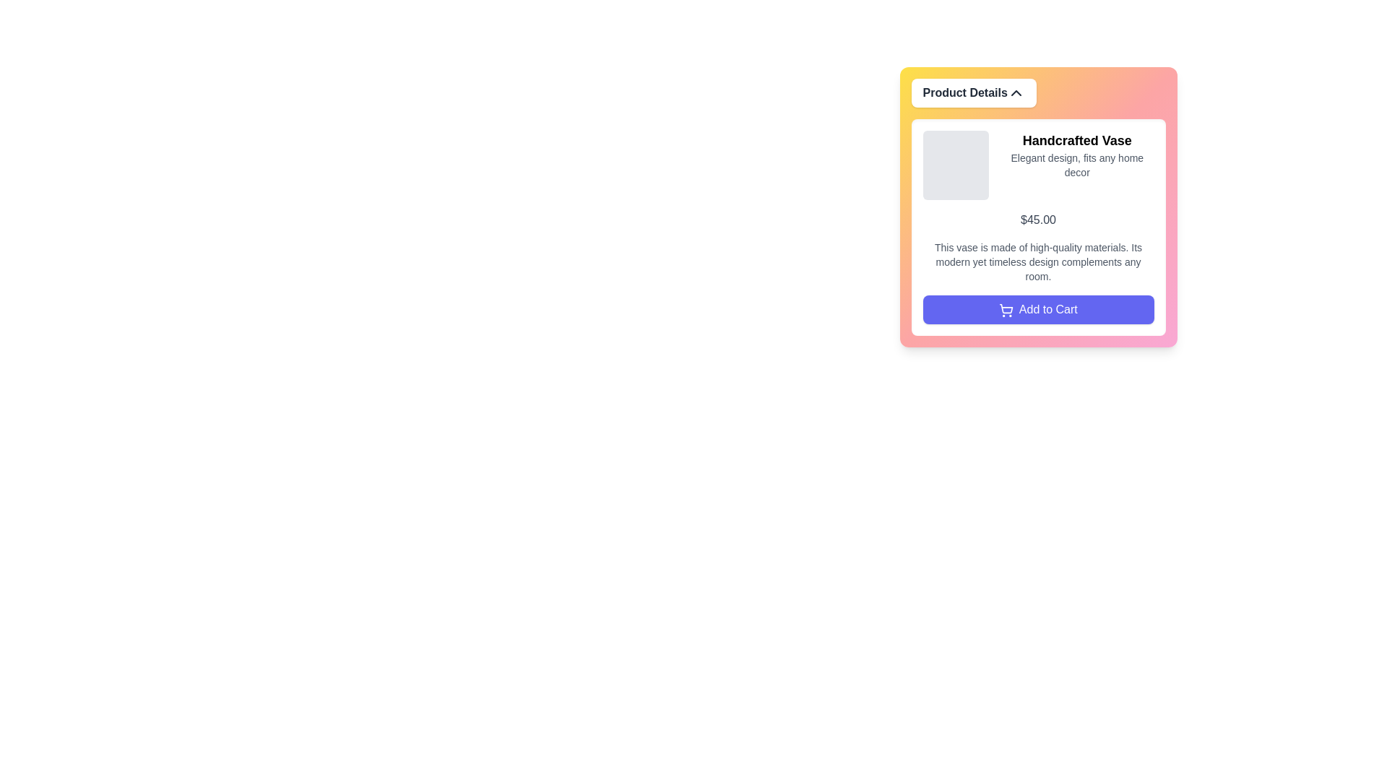 Image resolution: width=1387 pixels, height=780 pixels. I want to click on the small chevron-down icon with a triangular shape located at the right end of the 'Product Details' bar, so click(1015, 92).